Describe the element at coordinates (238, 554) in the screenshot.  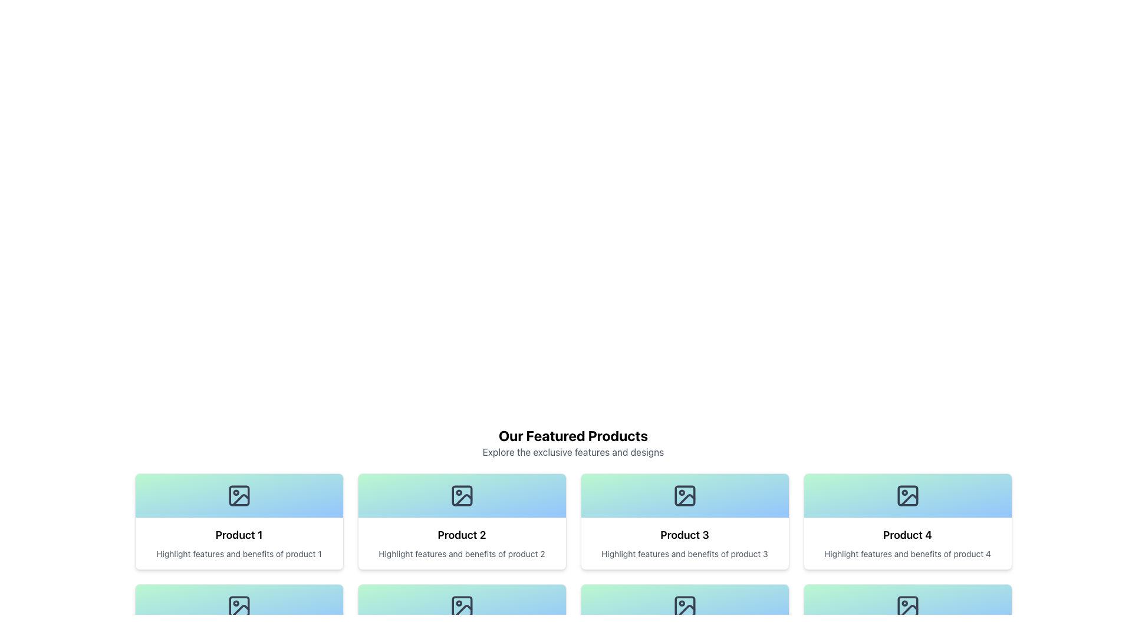
I see `the descriptive text label for 'Product 1', which is located under the 'Product 1' heading in the first product card` at that location.